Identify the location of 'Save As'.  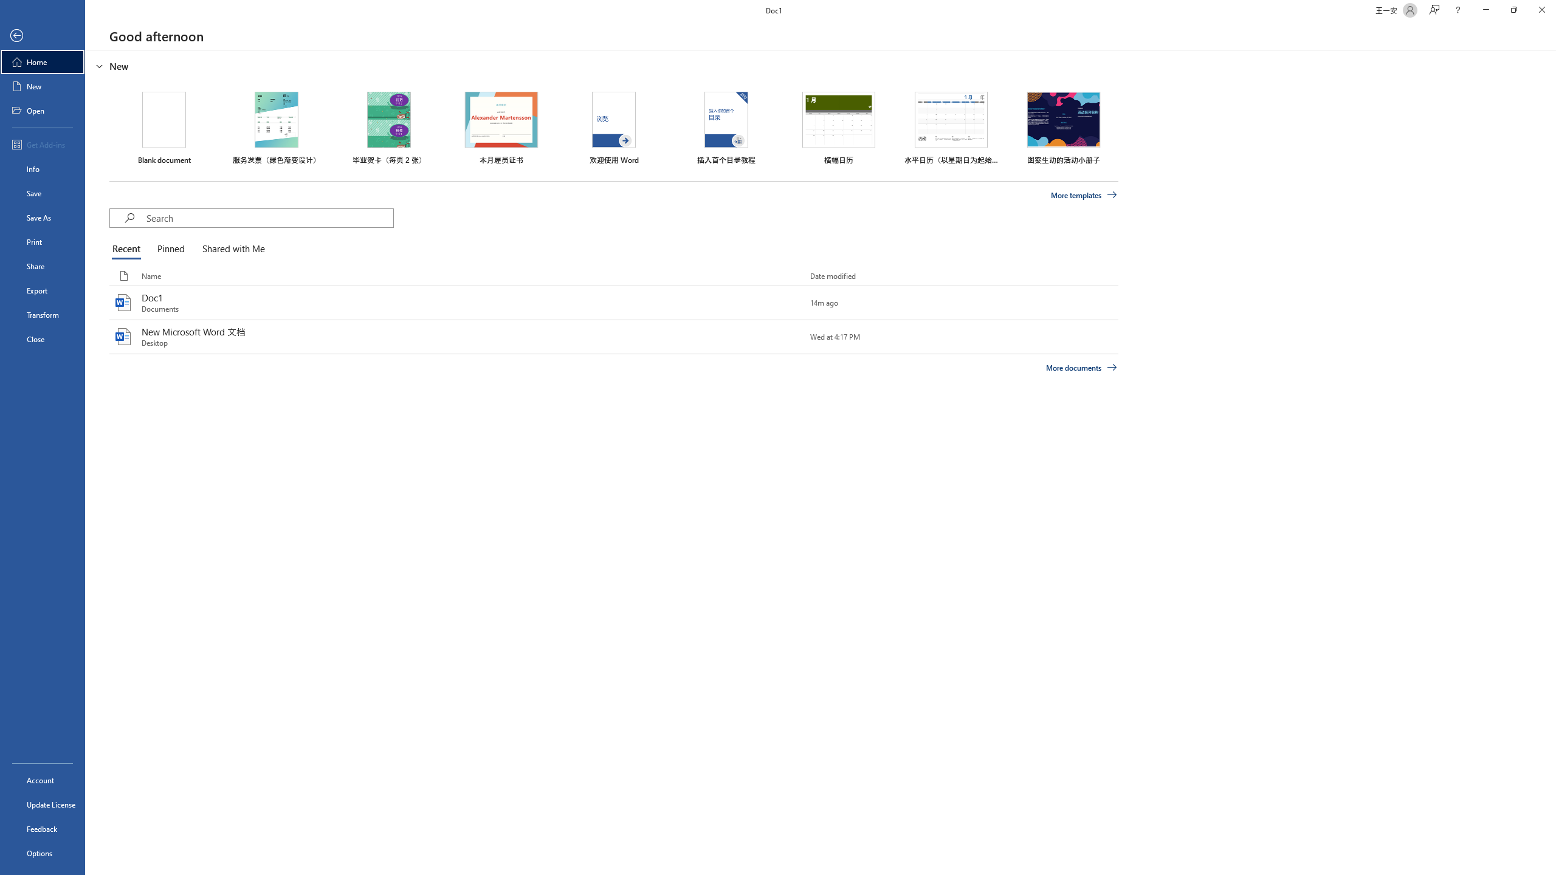
(42, 216).